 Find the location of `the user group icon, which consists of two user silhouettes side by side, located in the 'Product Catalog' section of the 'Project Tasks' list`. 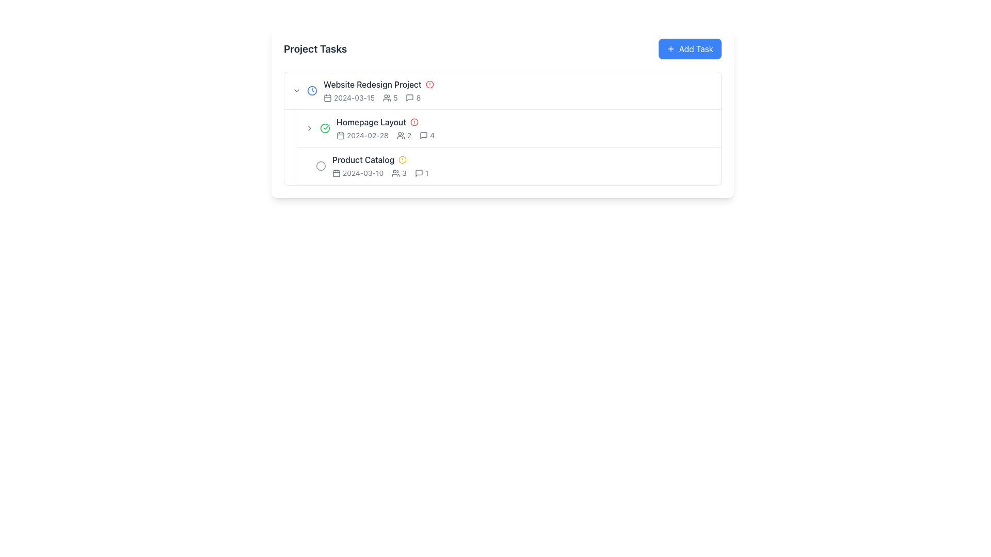

the user group icon, which consists of two user silhouettes side by side, located in the 'Product Catalog' section of the 'Project Tasks' list is located at coordinates (395, 172).